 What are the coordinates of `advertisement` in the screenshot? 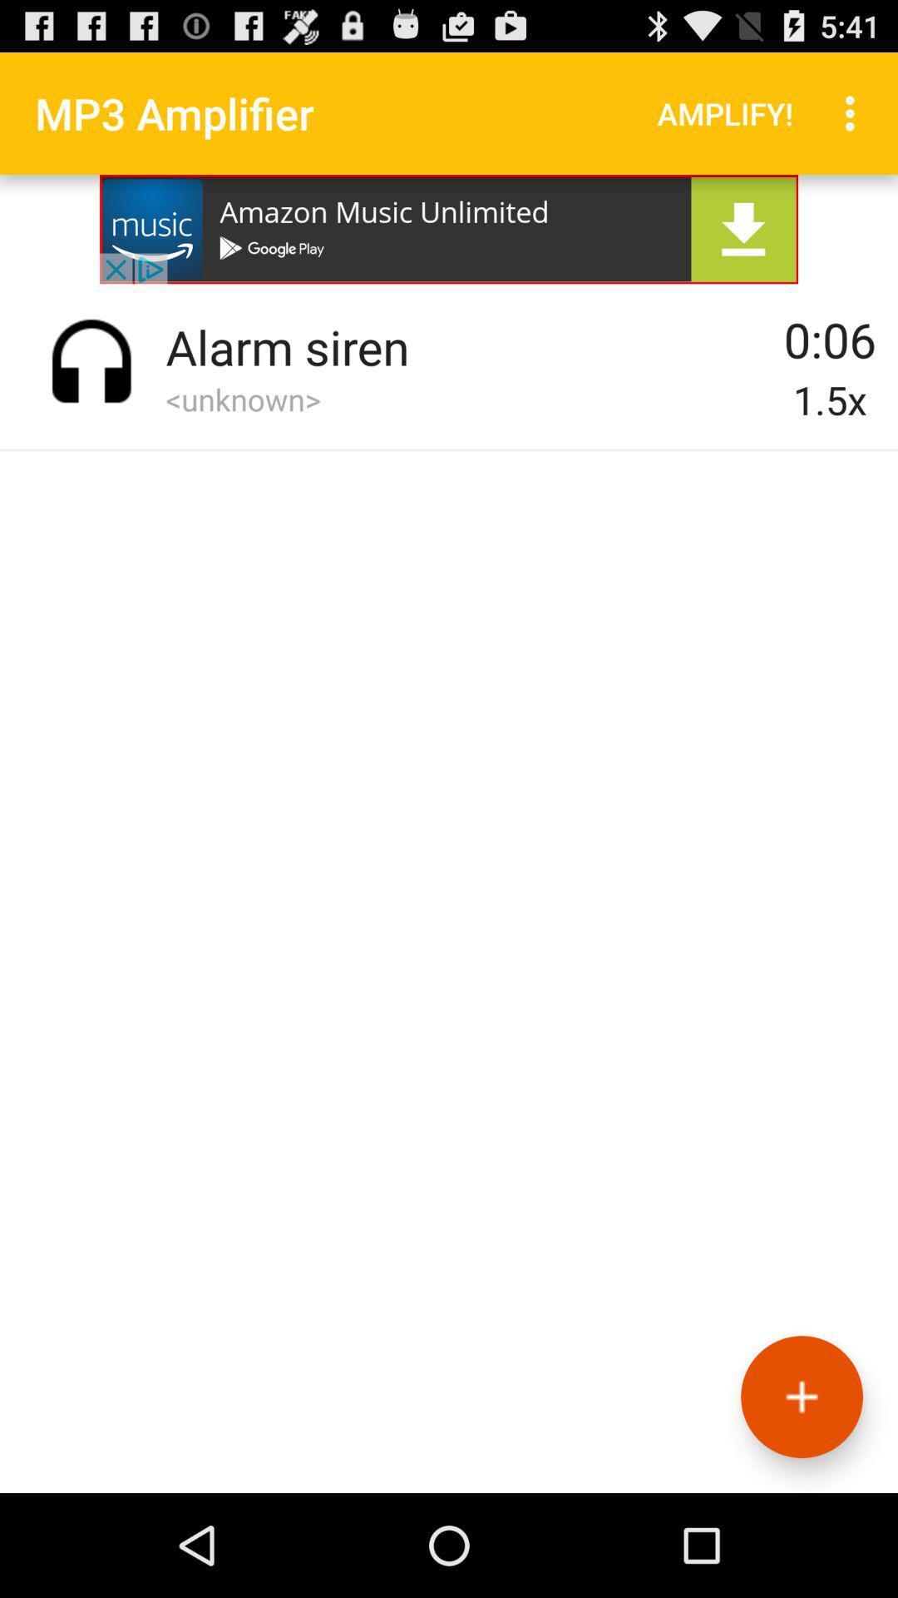 It's located at (449, 228).